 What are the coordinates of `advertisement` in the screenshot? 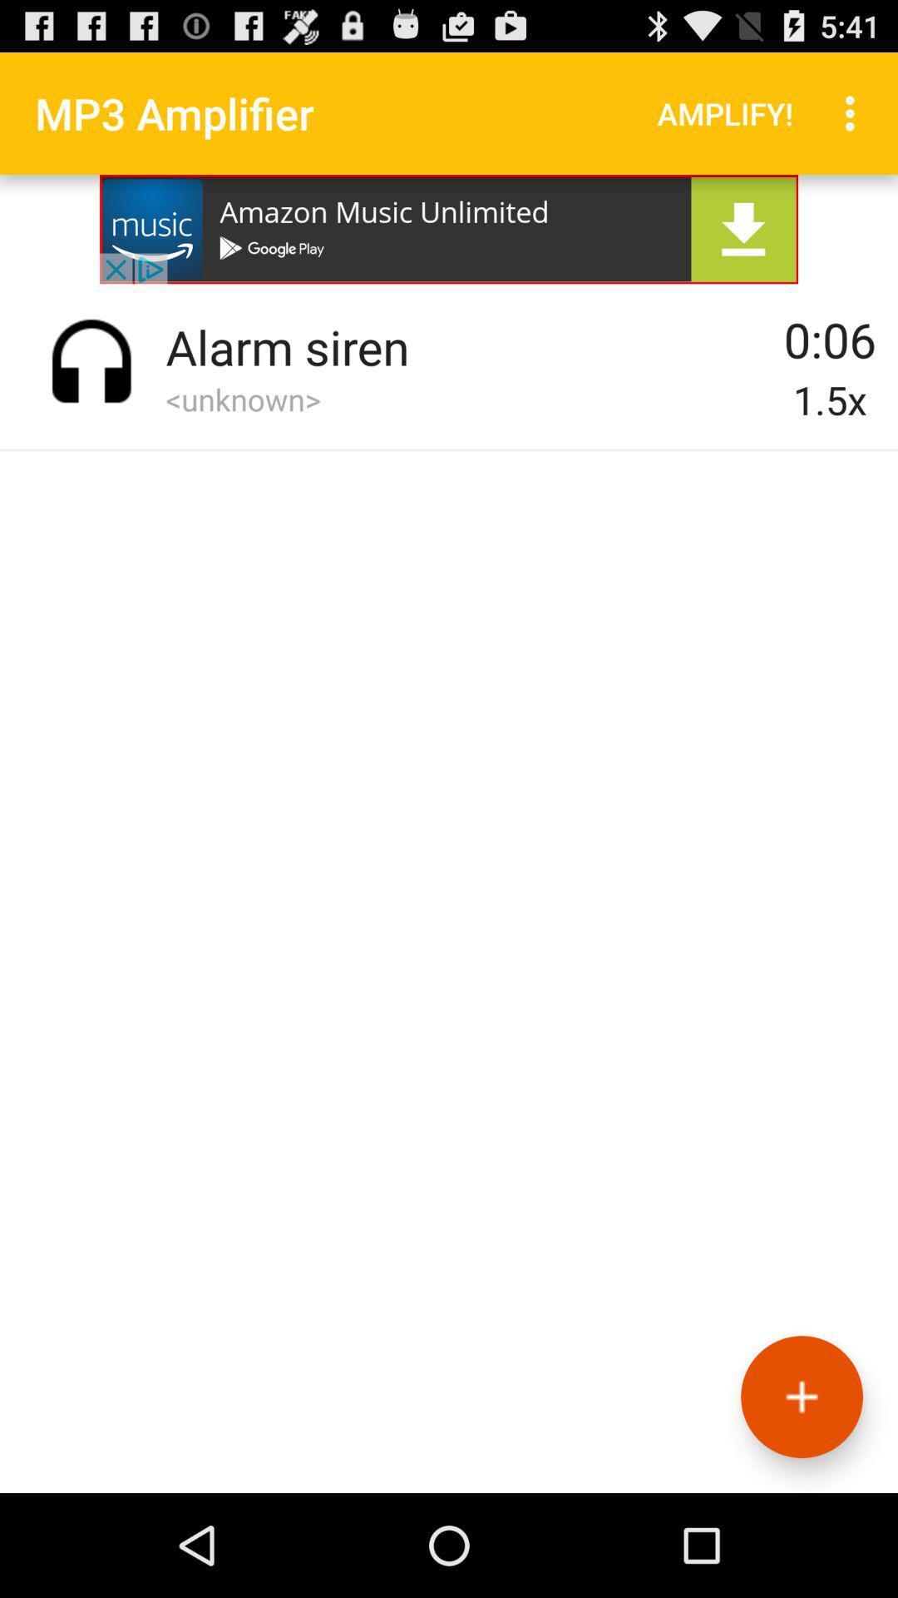 It's located at (449, 228).